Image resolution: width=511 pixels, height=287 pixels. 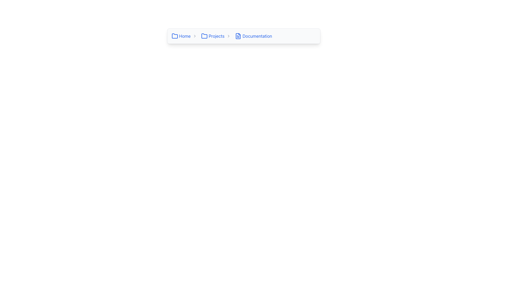 What do you see at coordinates (204, 36) in the screenshot?
I see `the blue folder icon located in the navigation bar, which is positioned immediately before the text 'Projects'` at bounding box center [204, 36].